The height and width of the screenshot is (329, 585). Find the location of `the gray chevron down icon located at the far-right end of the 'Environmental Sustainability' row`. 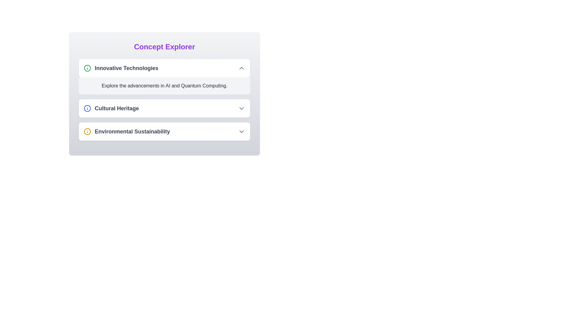

the gray chevron down icon located at the far-right end of the 'Environmental Sustainability' row is located at coordinates (241, 131).